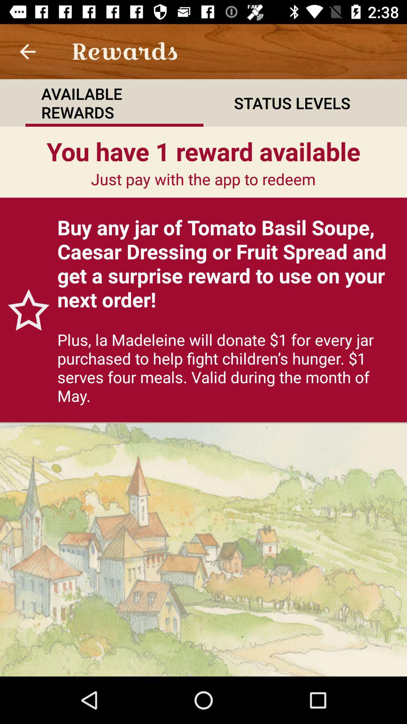 The width and height of the screenshot is (407, 724). Describe the element at coordinates (24, 310) in the screenshot. I see `the icon on the left` at that location.